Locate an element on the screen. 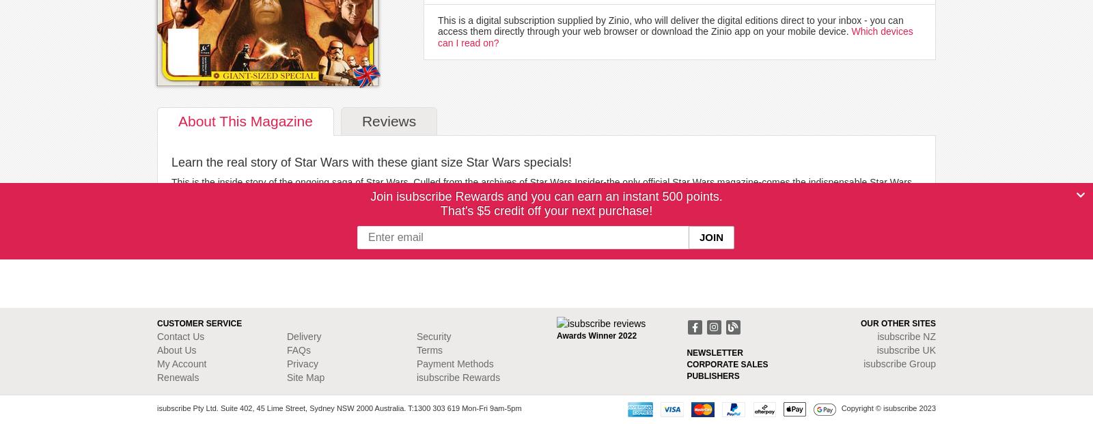 The width and height of the screenshot is (1093, 424). 'CORPORATE SALES' is located at coordinates (727, 363).